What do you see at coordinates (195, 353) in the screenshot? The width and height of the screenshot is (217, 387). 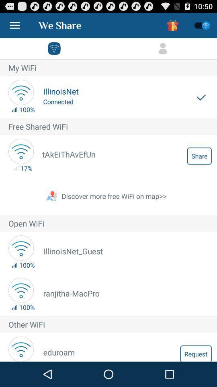 I see `request at the bottom right corner` at bounding box center [195, 353].